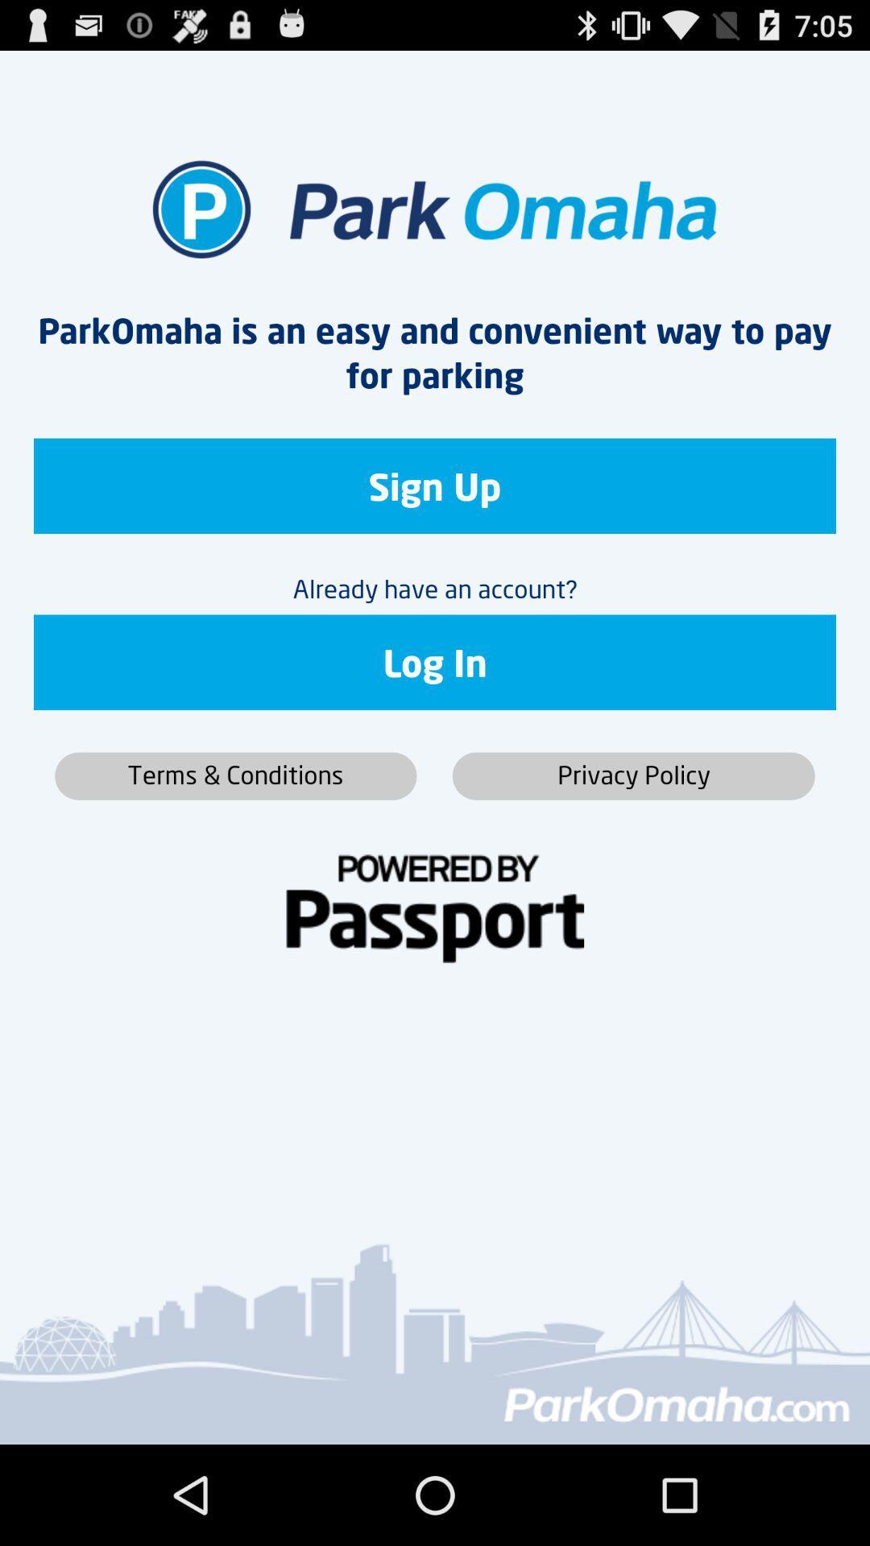 The width and height of the screenshot is (870, 1546). I want to click on the item above the already have an, so click(435, 485).